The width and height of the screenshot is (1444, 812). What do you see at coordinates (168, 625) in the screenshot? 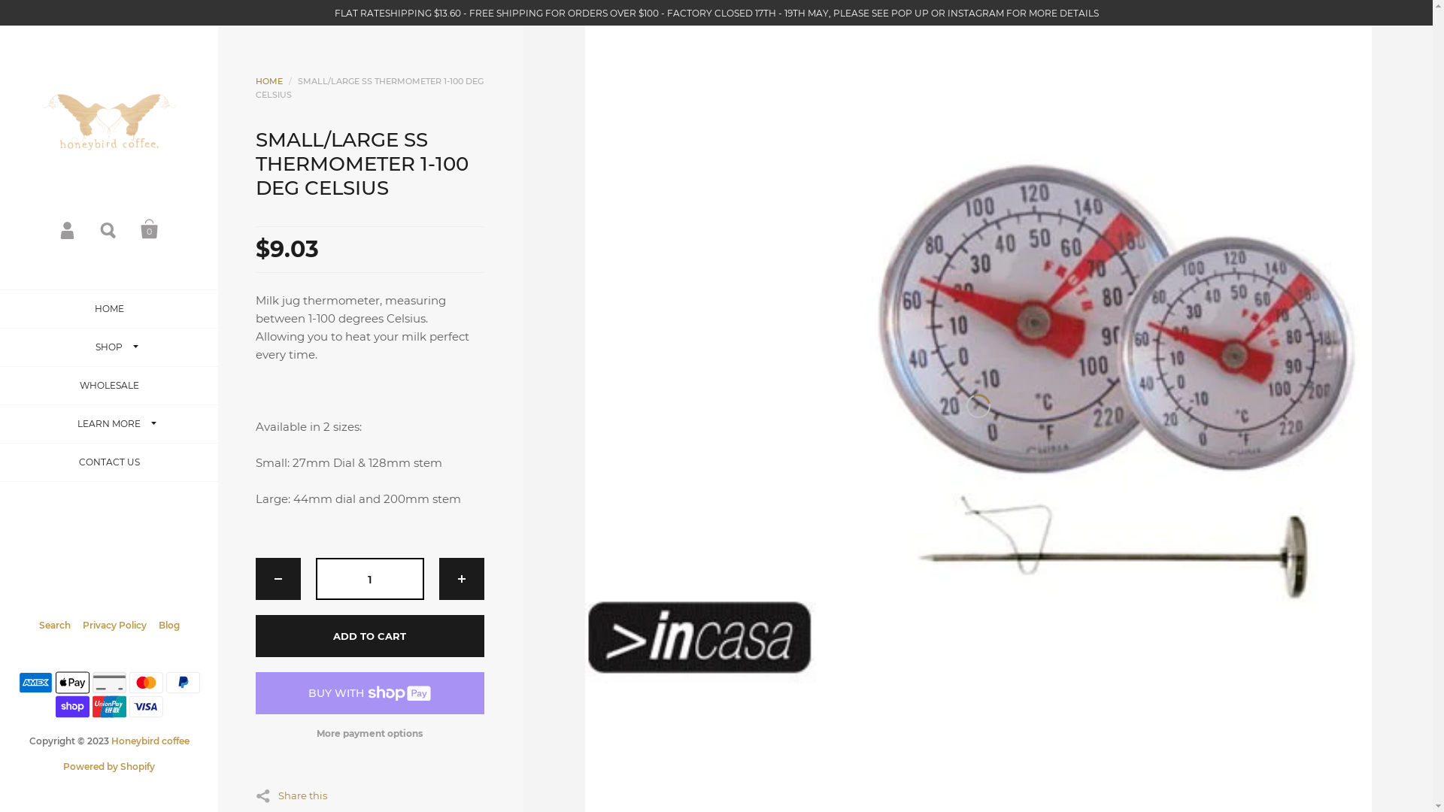
I see `'Blog'` at bounding box center [168, 625].